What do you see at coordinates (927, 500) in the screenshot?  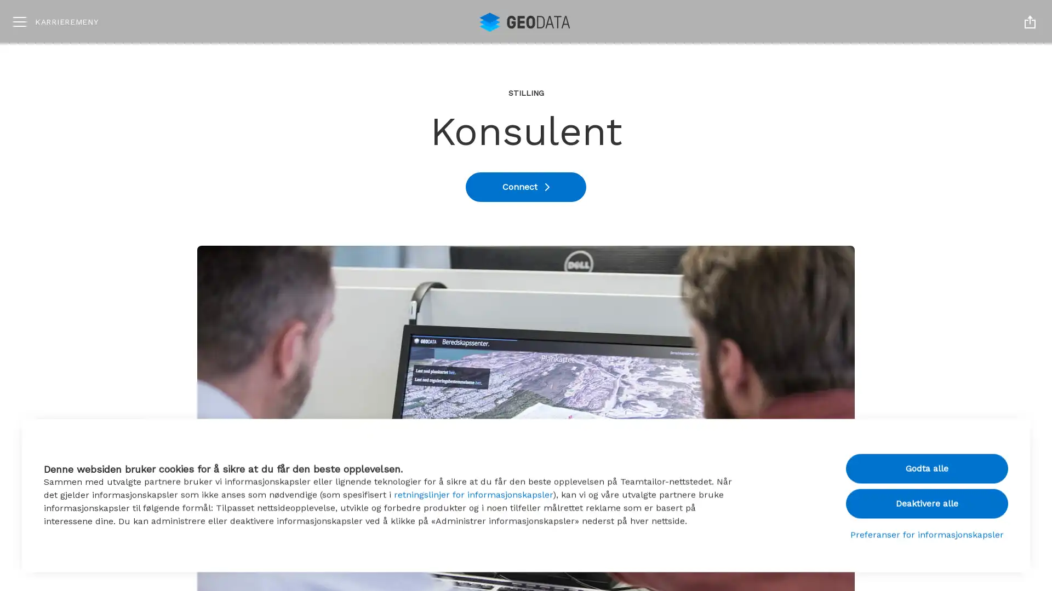 I see `Deaktivere alle` at bounding box center [927, 500].